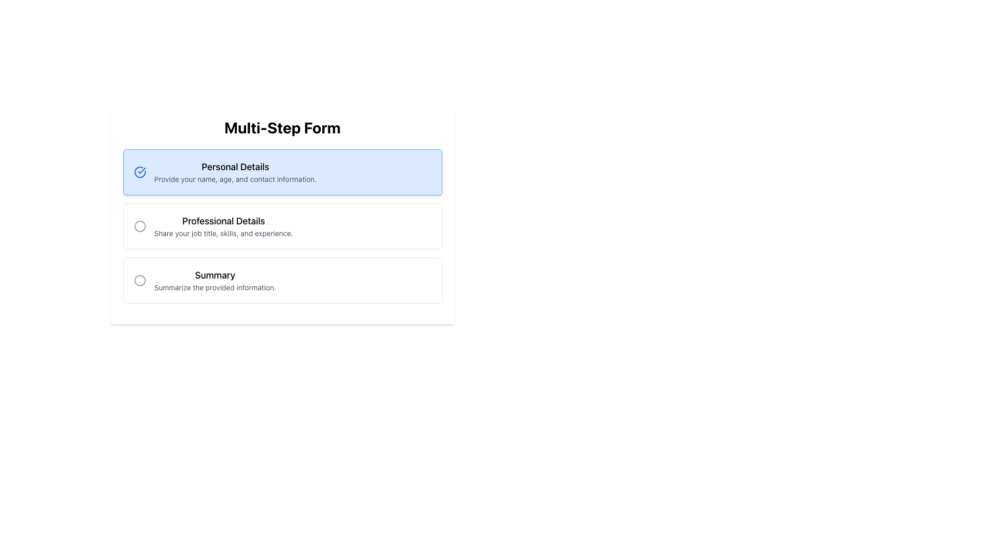 This screenshot has width=982, height=552. I want to click on non-interactive instructions text label located directly below the 'Personal Details' heading in the highlighted blue section, so click(235, 179).